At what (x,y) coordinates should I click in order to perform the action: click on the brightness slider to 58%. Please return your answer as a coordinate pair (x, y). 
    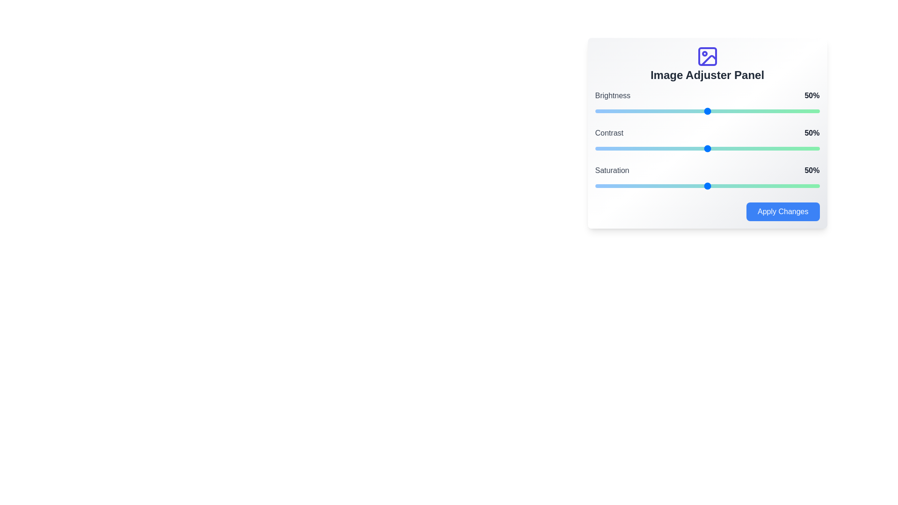
    Looking at the image, I should click on (724, 111).